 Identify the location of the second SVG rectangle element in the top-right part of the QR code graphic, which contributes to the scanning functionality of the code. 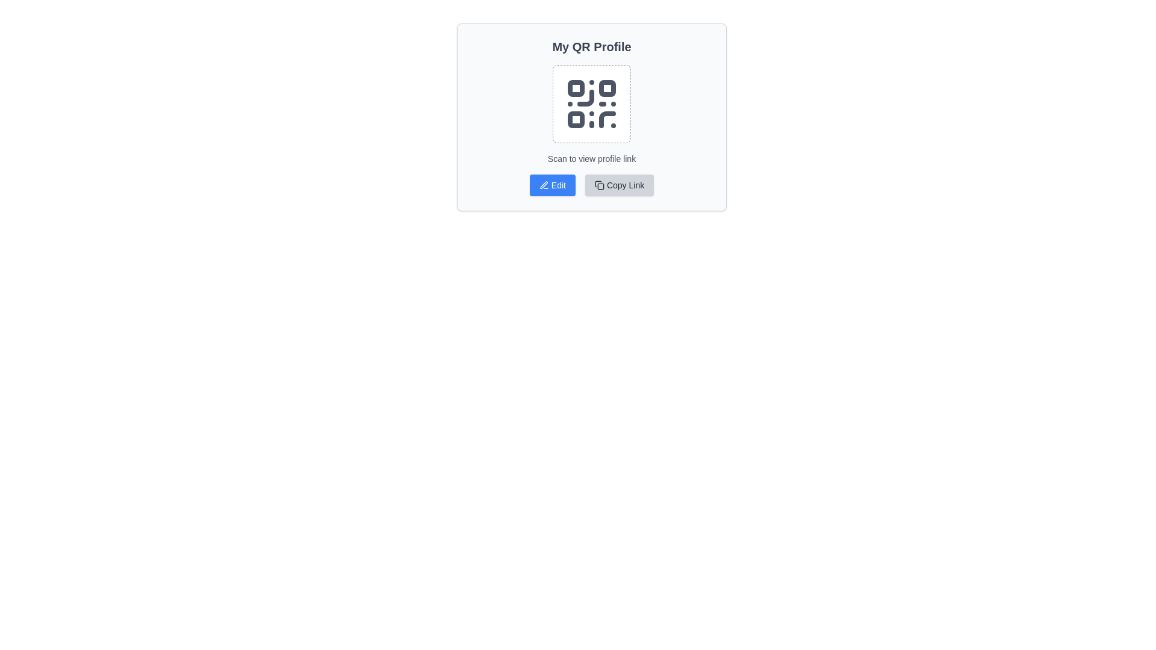
(607, 87).